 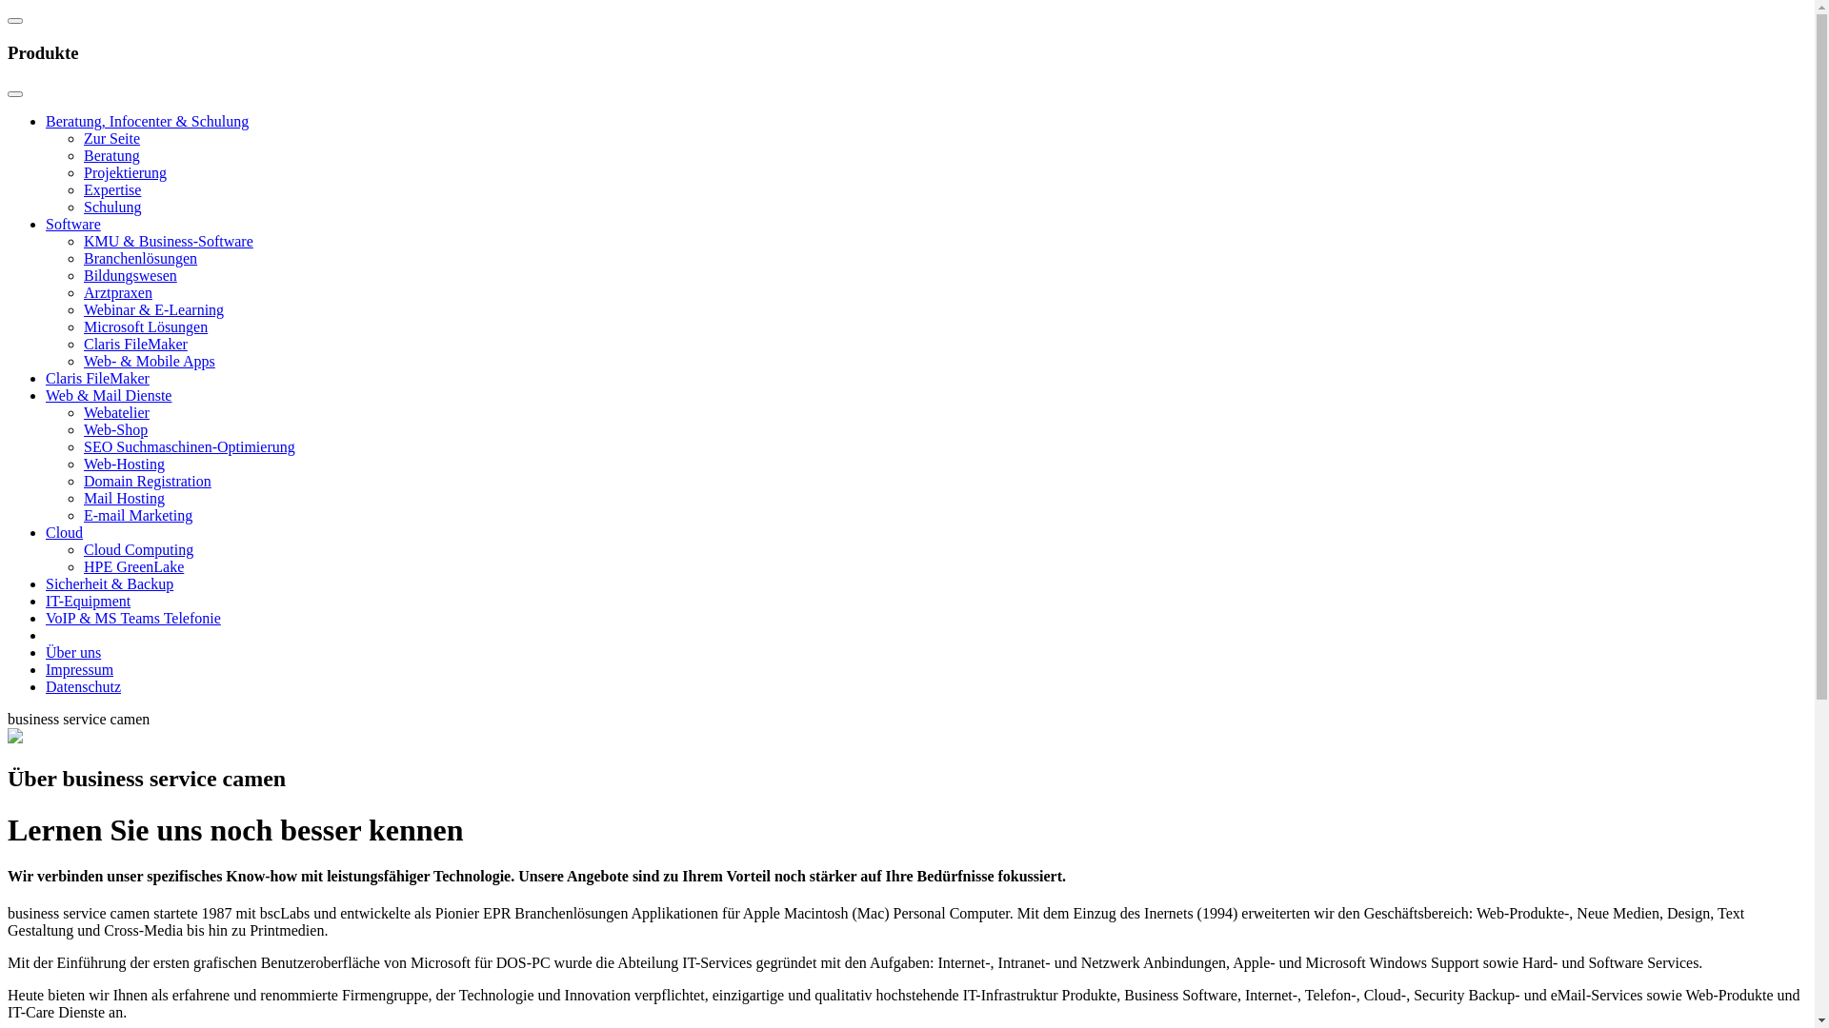 I want to click on 'Claris FileMaker', so click(x=134, y=344).